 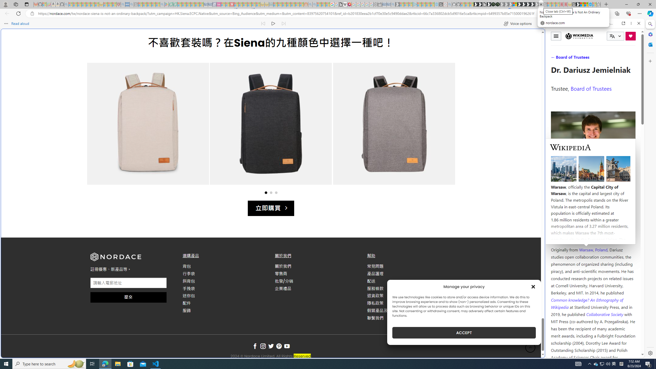 I want to click on 'Wiktionary', so click(x=593, y=171).